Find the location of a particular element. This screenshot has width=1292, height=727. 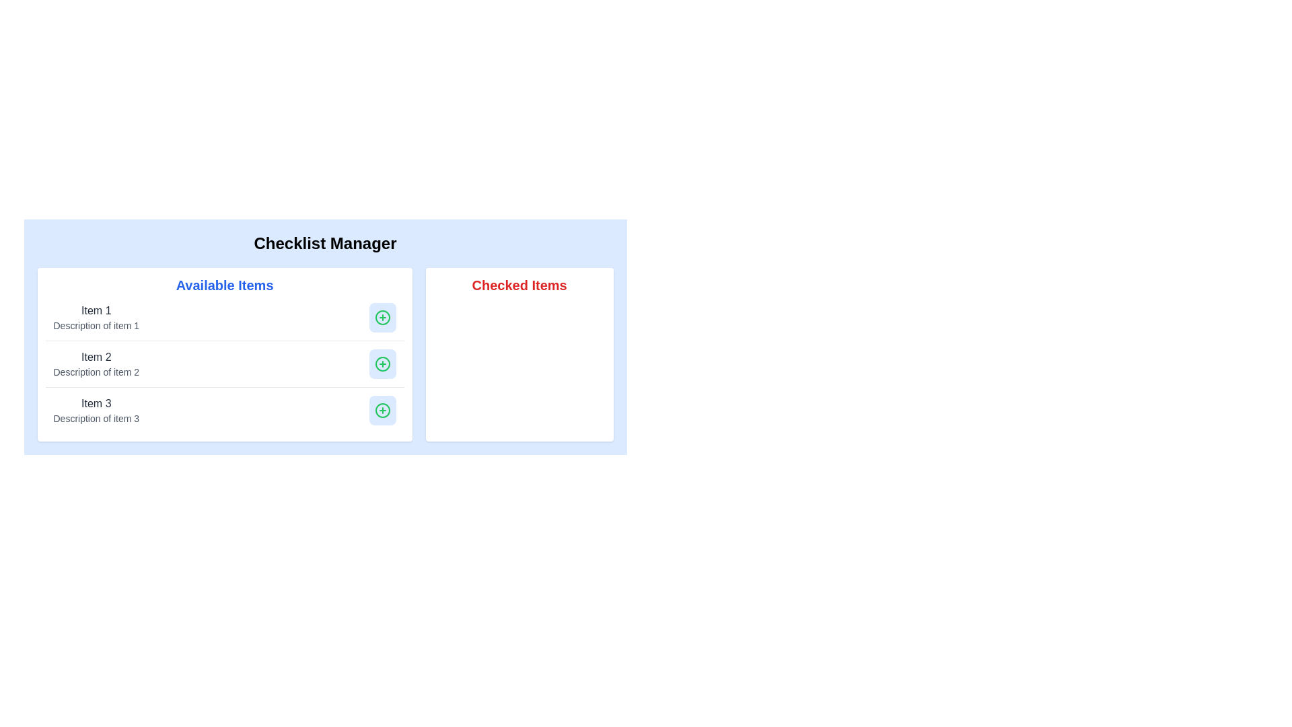

text displayed for the first item titled 'Item 1' in the 'Available Items' section of the 'Checklist Manager' interface is located at coordinates (96, 317).